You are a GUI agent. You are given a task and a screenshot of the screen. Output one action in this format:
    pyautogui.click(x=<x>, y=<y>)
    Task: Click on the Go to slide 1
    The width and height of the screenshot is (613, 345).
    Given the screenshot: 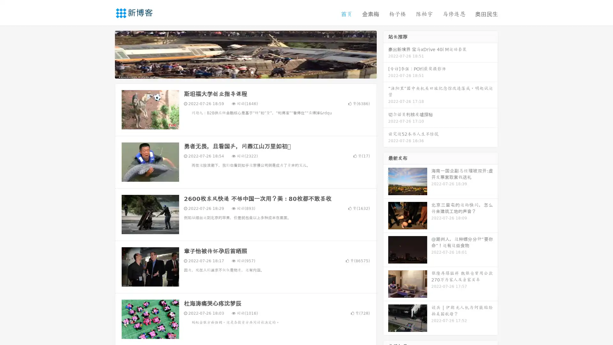 What is the action you would take?
    pyautogui.click(x=239, y=72)
    